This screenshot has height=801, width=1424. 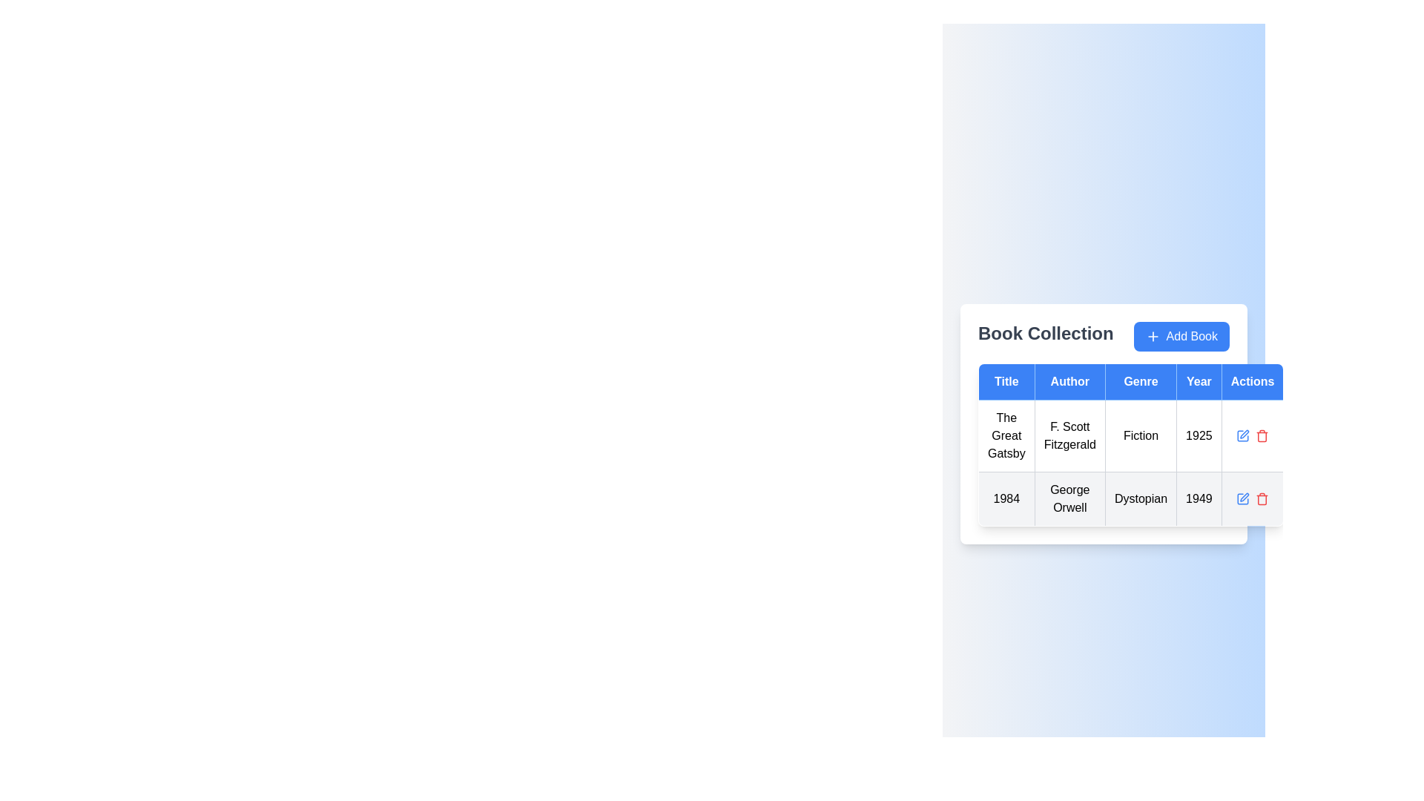 I want to click on the edit button/icon in the 'Actions' column of the second row in the 'Book Collection' table for accessibility purposes, so click(x=1242, y=498).